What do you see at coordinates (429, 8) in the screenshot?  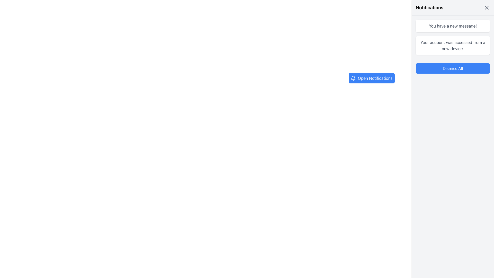 I see `the 'Notifications' text label, which is a bold, large black font located in the header bar of the notification panel, positioned to the left of the close icon` at bounding box center [429, 8].